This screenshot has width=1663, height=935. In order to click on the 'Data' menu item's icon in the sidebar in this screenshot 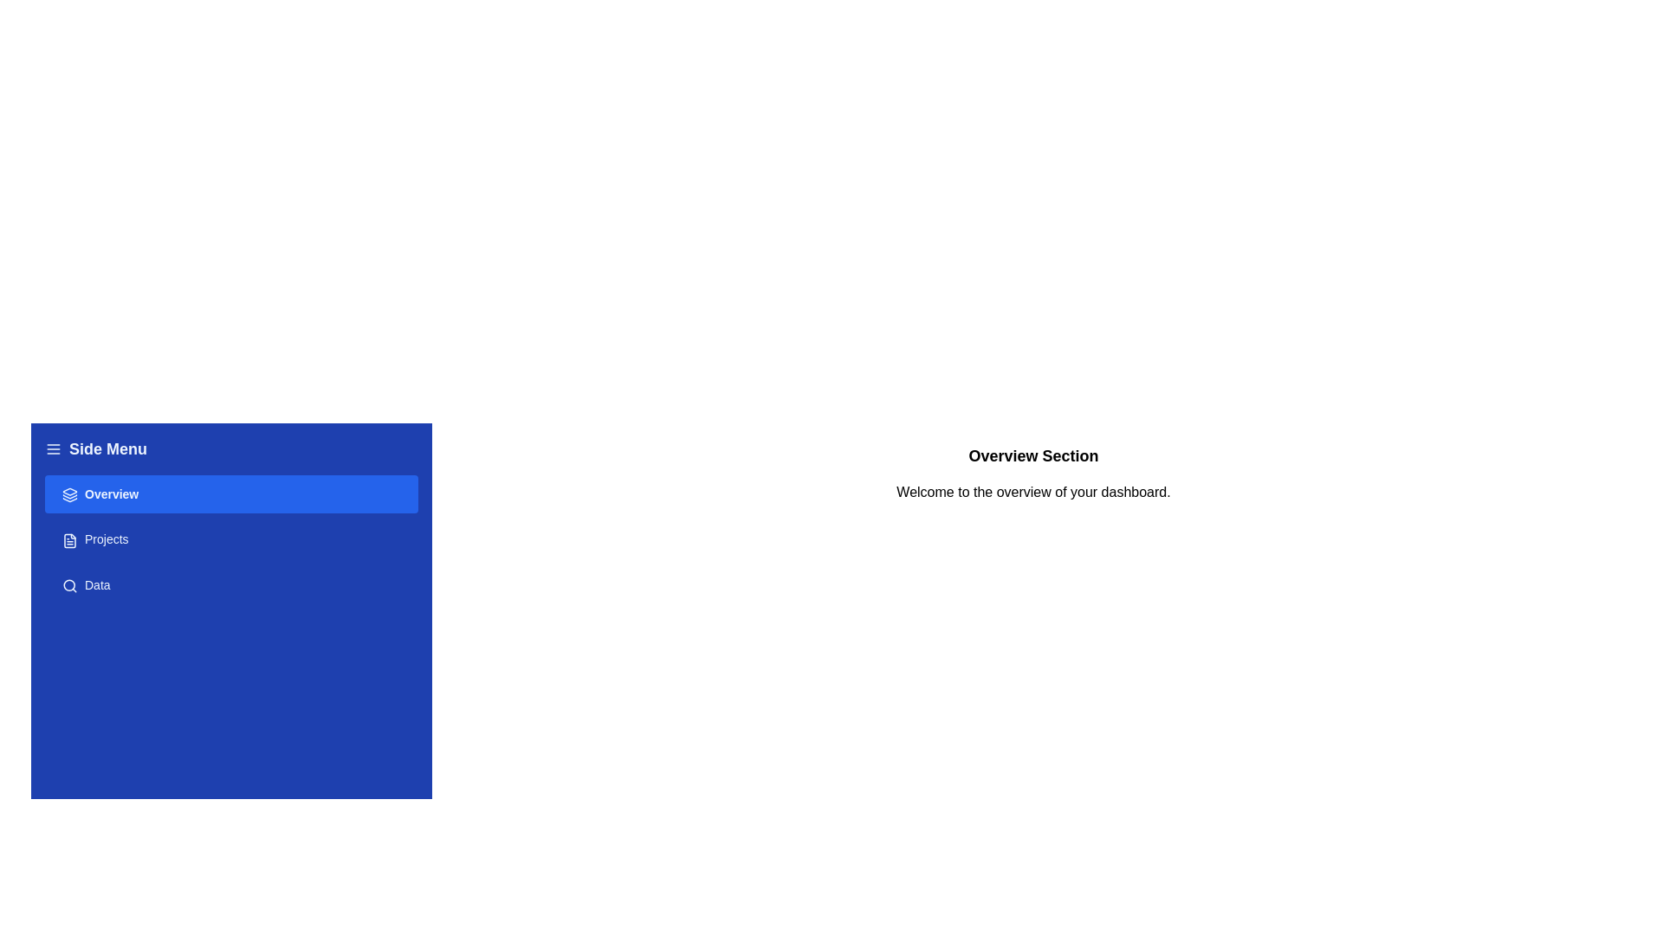, I will do `click(69, 584)`.